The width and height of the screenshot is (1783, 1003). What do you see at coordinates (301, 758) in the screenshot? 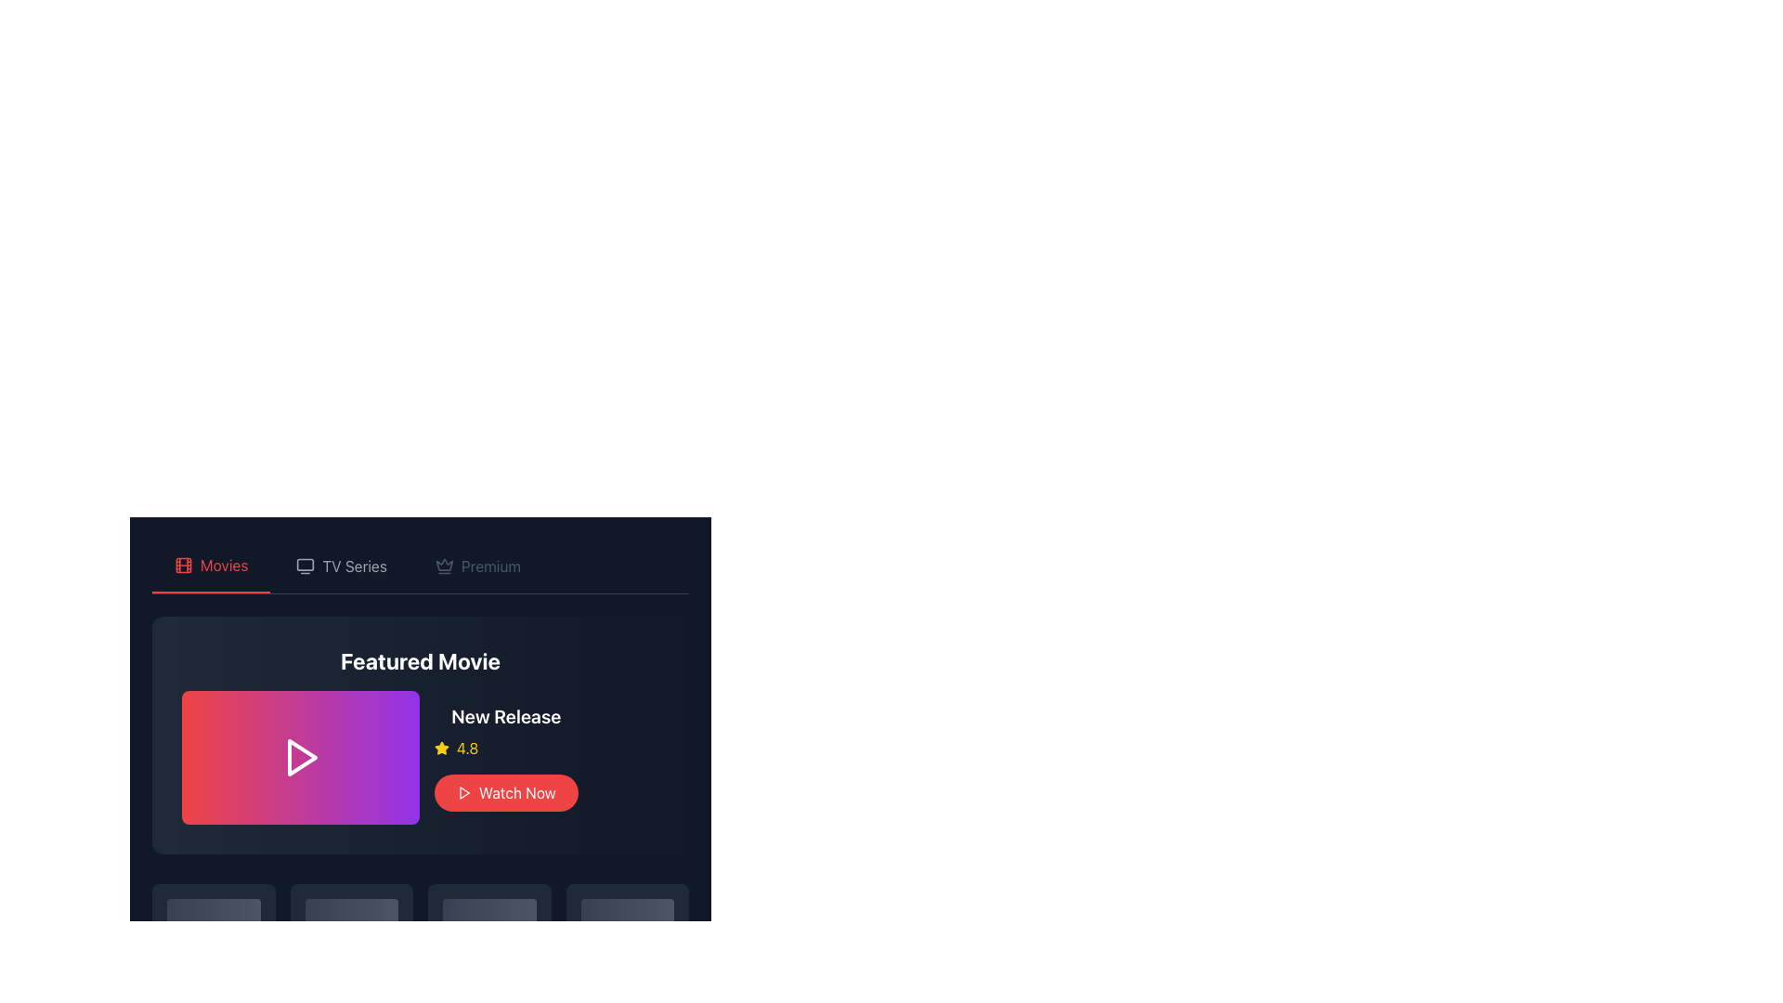
I see `the triangular play button icon, which is white and located inside a gradient pink and purple rectangle in the 'Featured Movie' section` at bounding box center [301, 758].